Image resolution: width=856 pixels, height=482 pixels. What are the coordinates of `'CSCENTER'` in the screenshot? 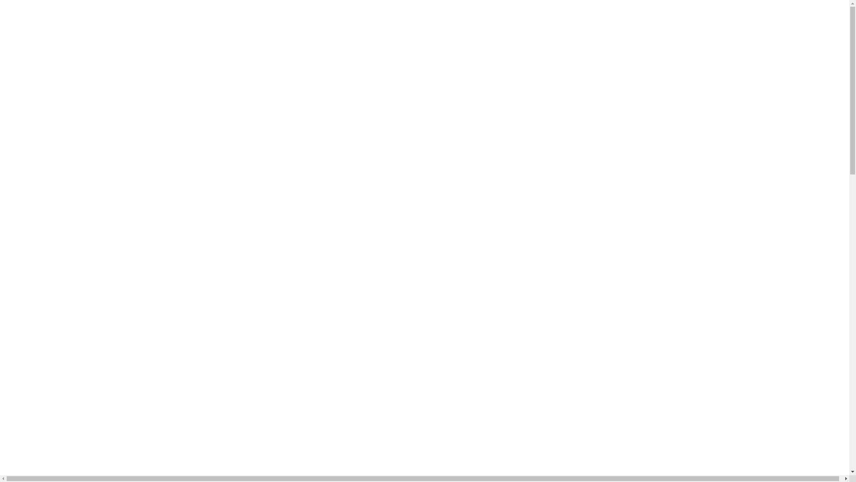 It's located at (21, 78).